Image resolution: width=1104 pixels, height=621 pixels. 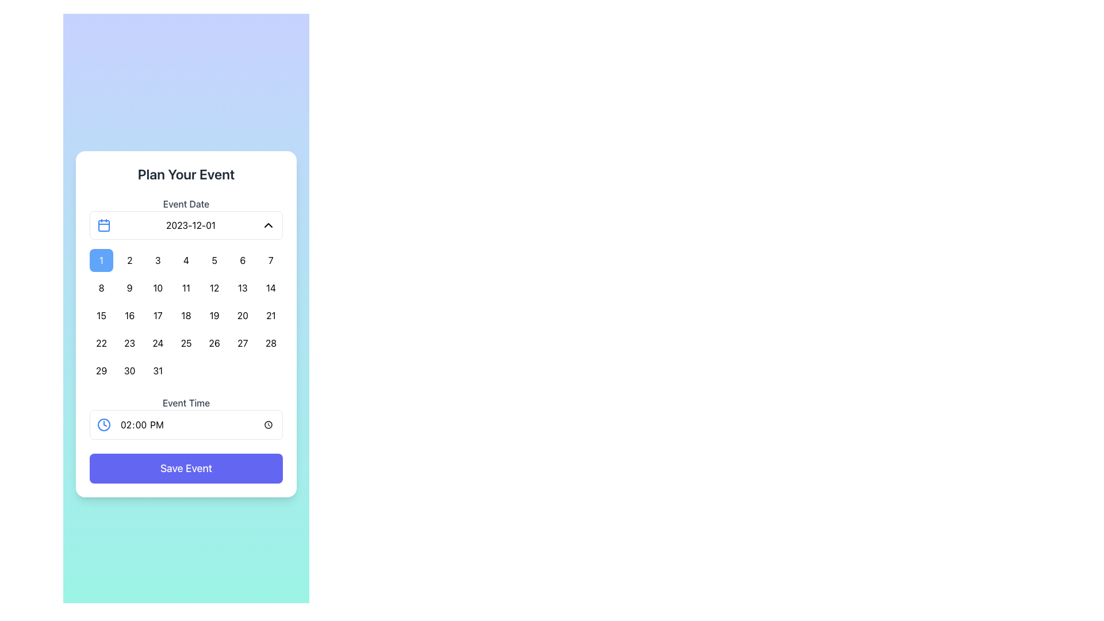 I want to click on the selected date text within the date picker component, so click(x=190, y=225).